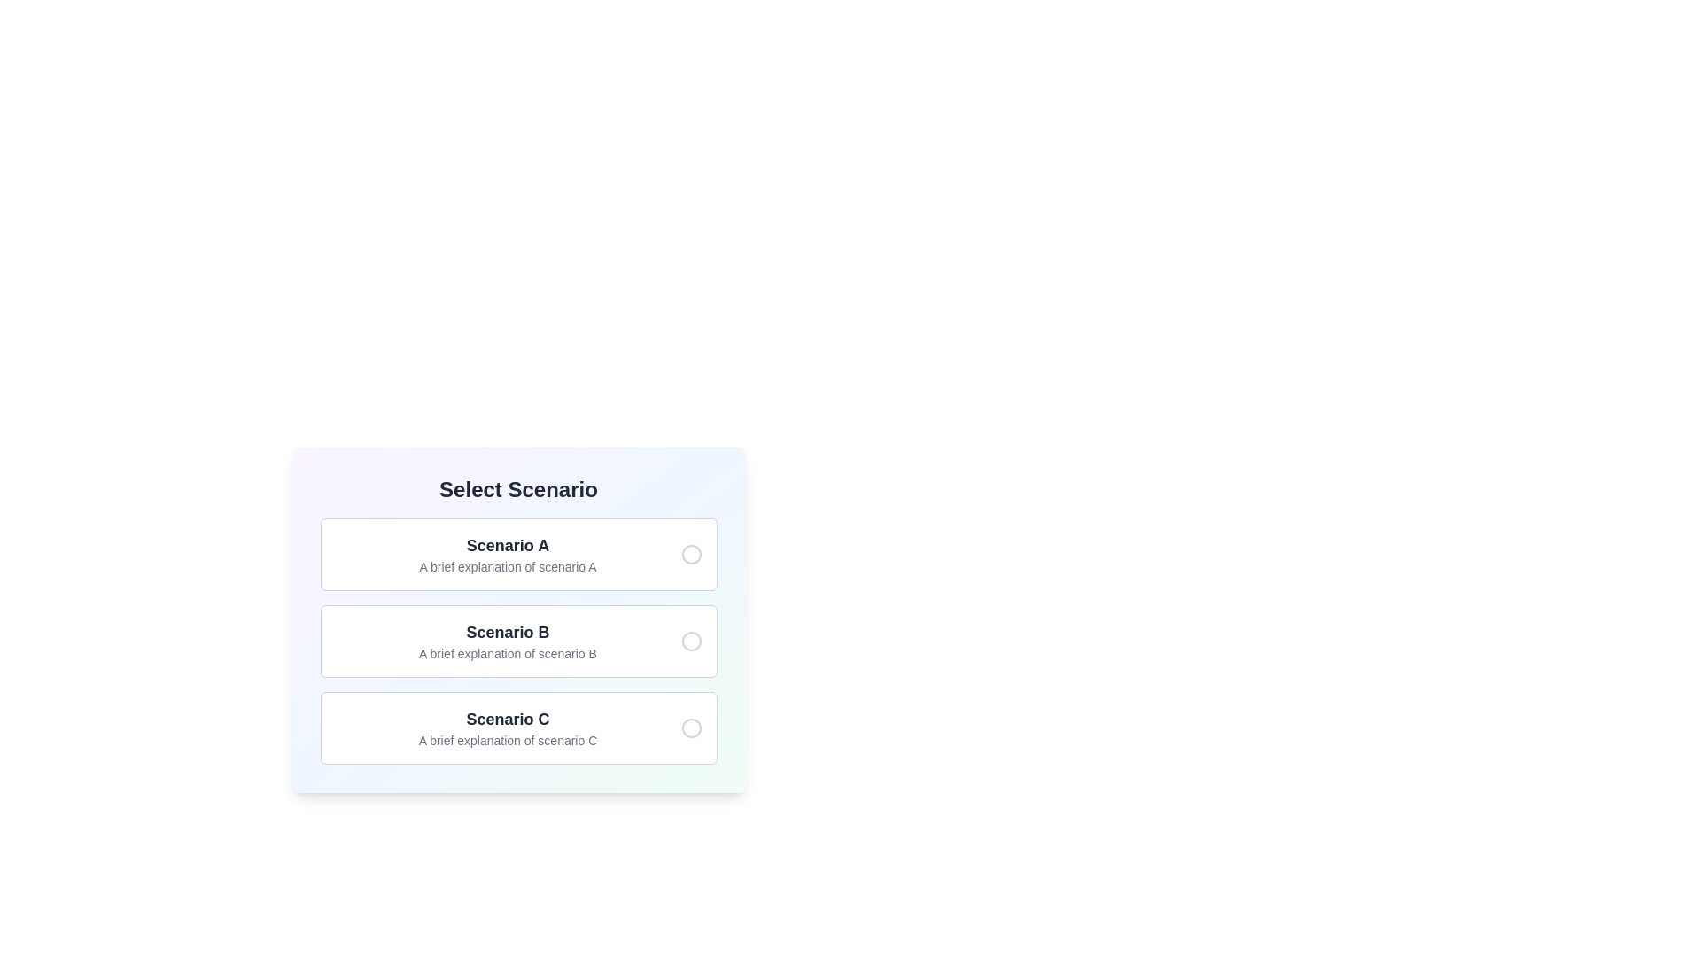  What do you see at coordinates (517, 553) in the screenshot?
I see `the selectable option labeled 'Scenario A'` at bounding box center [517, 553].